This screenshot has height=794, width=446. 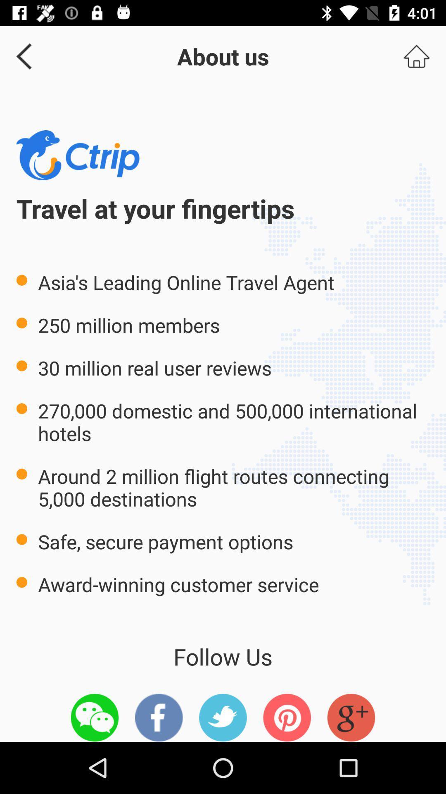 I want to click on open related twitter page, so click(x=223, y=717).